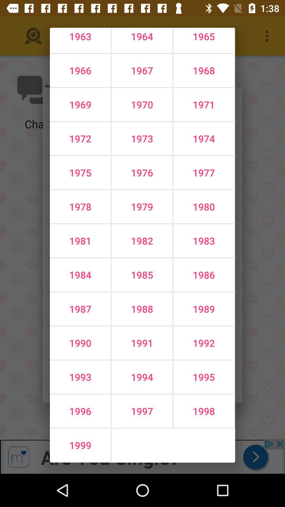  I want to click on item next to 1975 item, so click(142, 206).